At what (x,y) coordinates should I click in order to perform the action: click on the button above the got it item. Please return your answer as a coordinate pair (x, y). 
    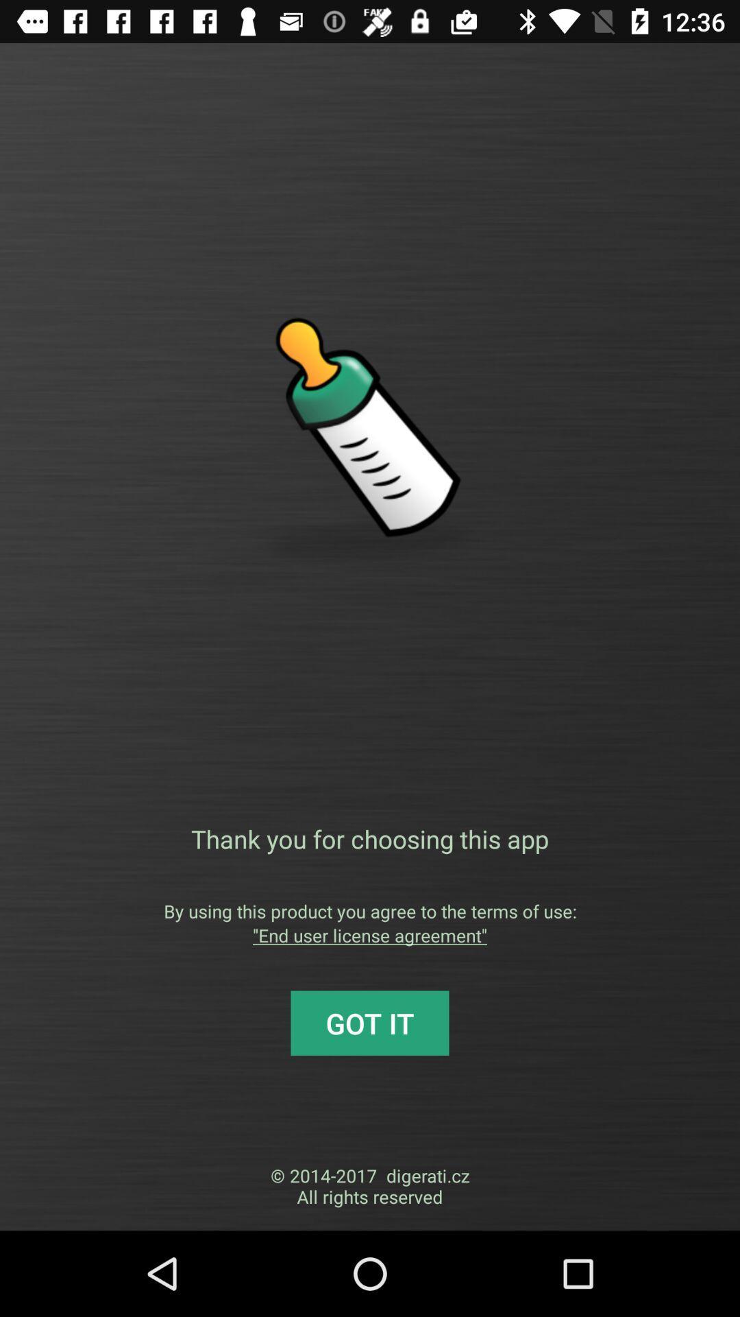
    Looking at the image, I should click on (370, 934).